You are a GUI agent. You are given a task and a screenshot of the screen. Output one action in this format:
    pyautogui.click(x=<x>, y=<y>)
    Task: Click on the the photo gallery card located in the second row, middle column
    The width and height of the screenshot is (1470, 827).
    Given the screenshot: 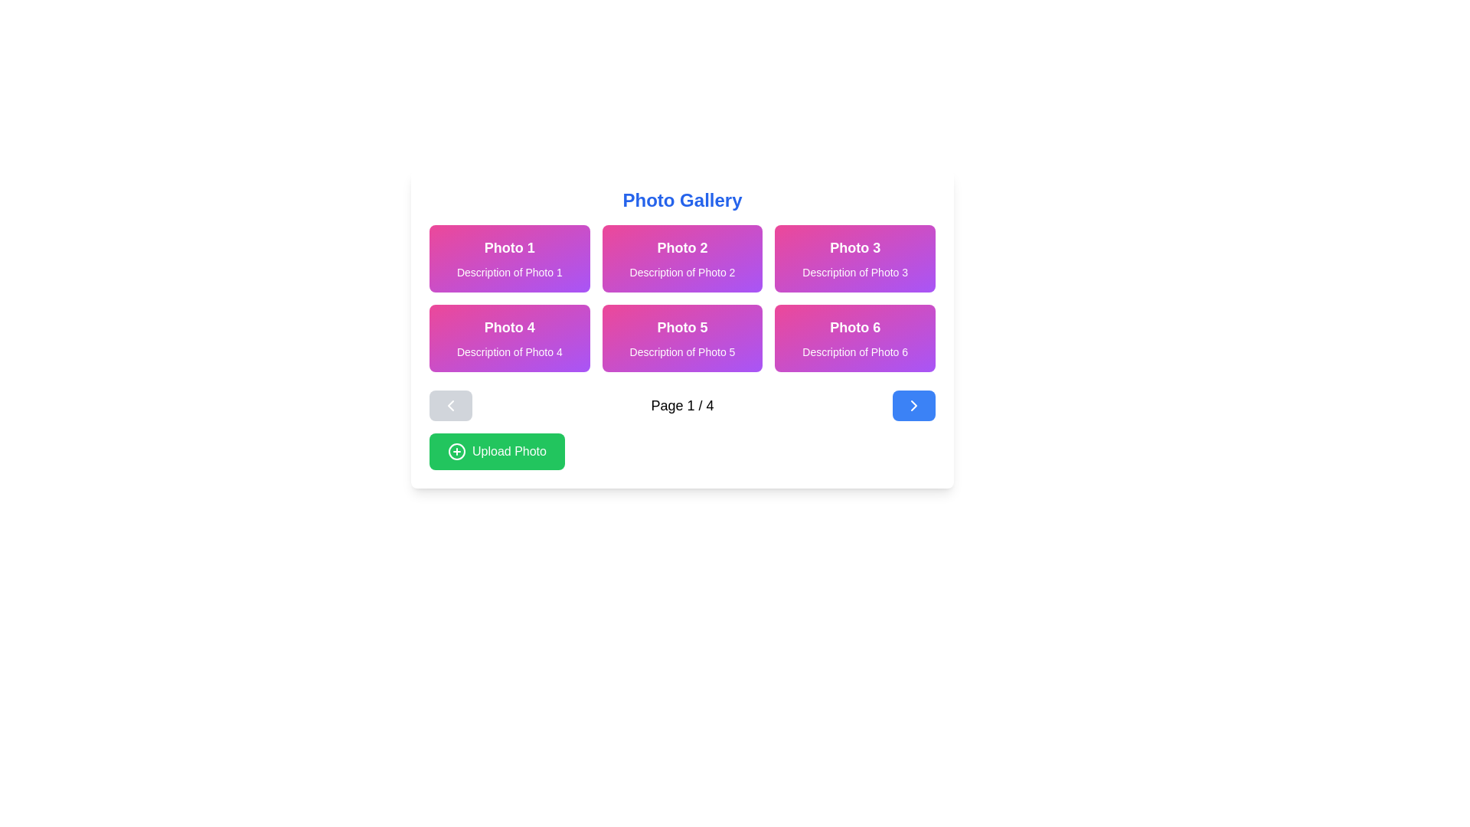 What is the action you would take?
    pyautogui.click(x=681, y=338)
    